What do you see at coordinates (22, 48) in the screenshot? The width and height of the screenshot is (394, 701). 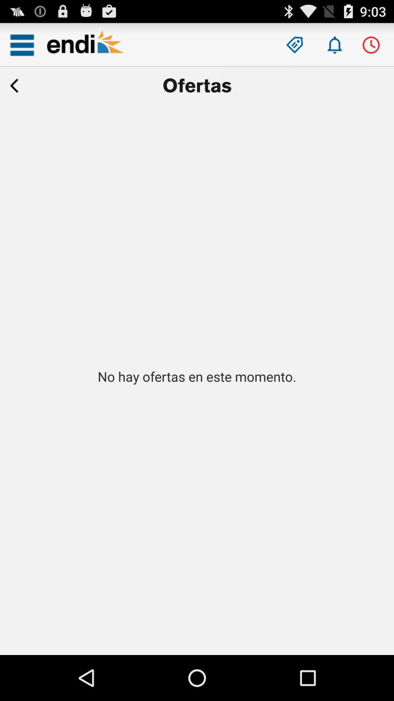 I see `the menu icon` at bounding box center [22, 48].